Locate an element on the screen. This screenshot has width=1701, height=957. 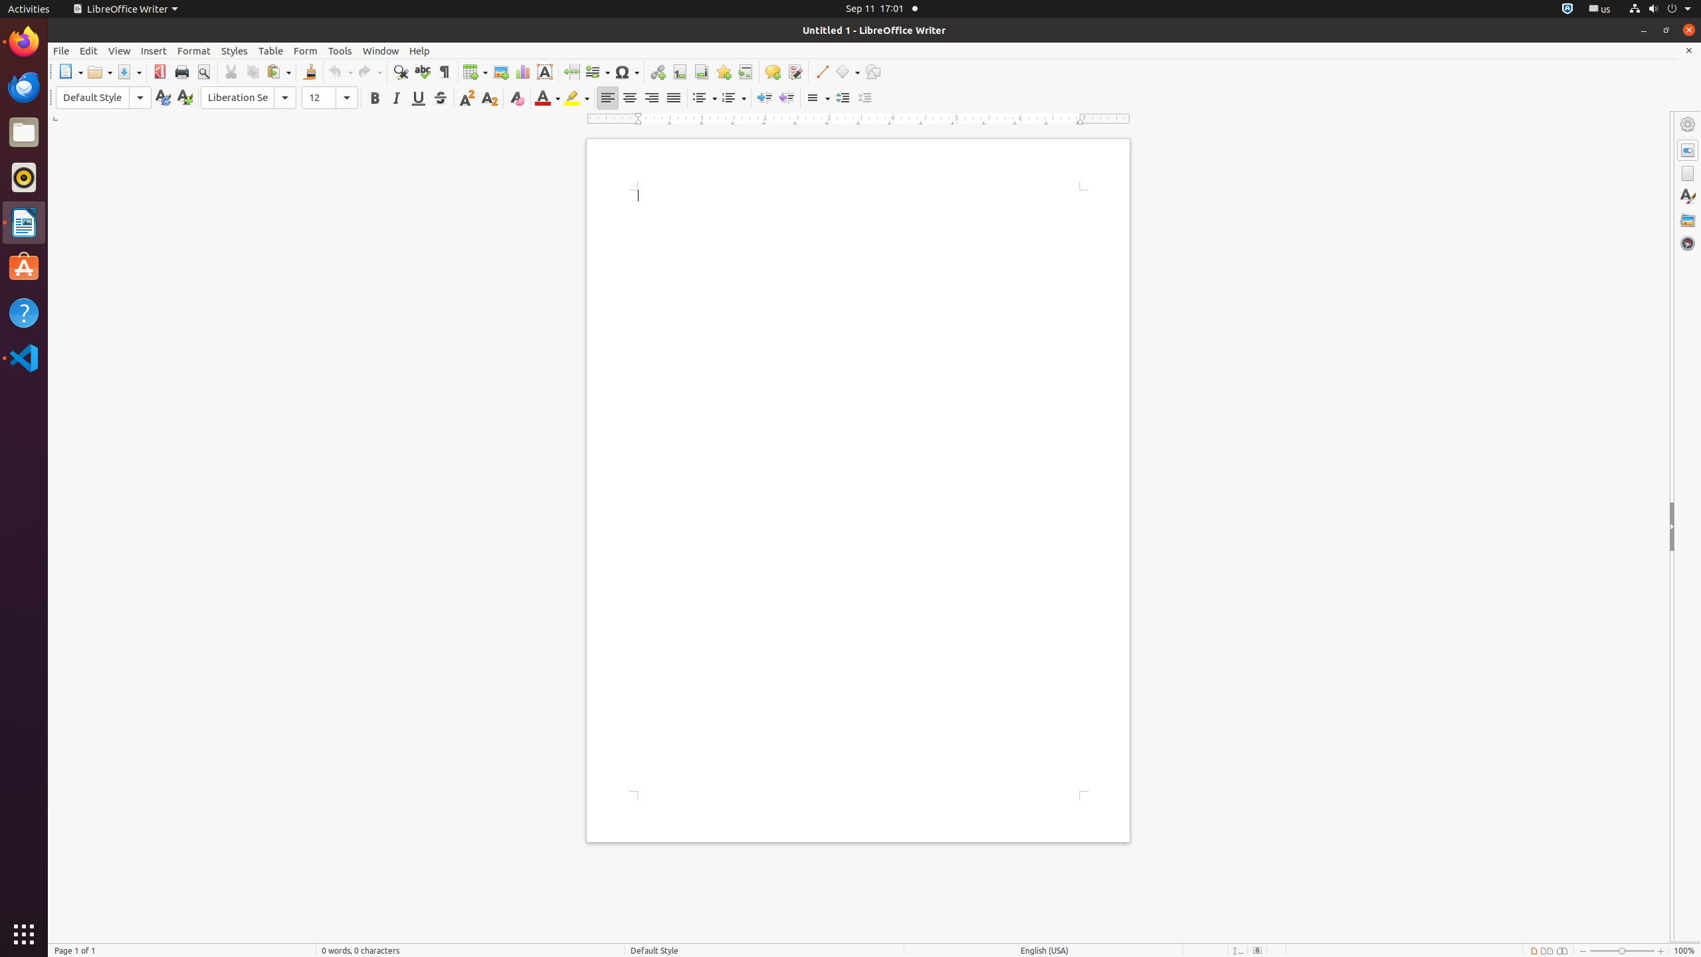
'Tools' is located at coordinates (340, 51).